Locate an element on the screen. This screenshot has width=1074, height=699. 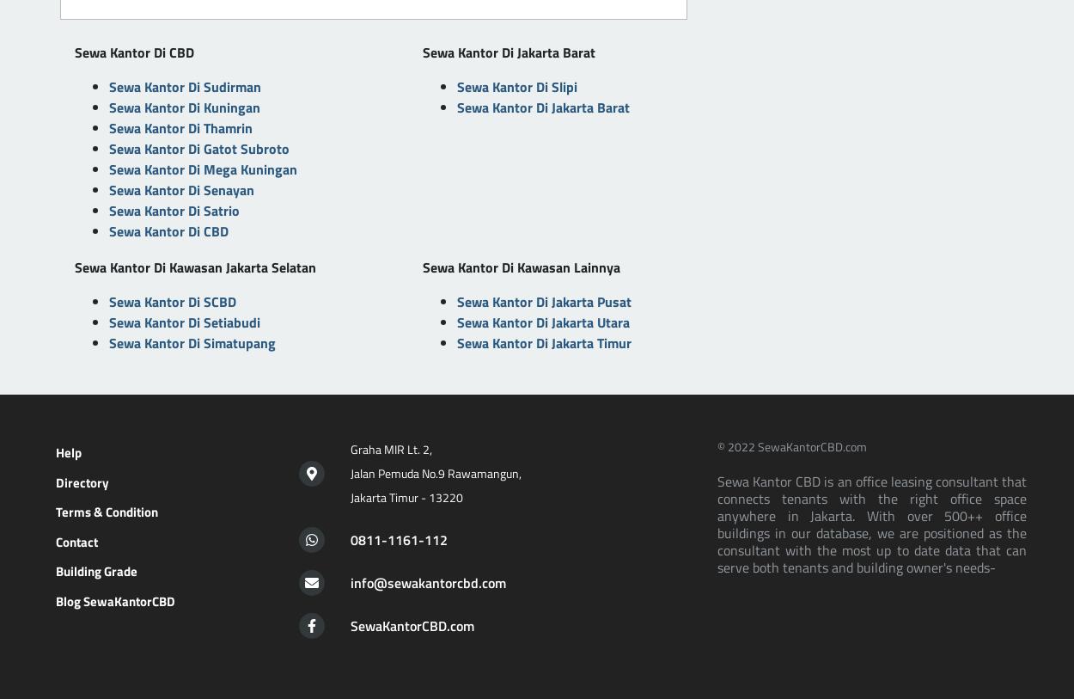
'Sewa Kantor Di Sudirman' is located at coordinates (184, 85).